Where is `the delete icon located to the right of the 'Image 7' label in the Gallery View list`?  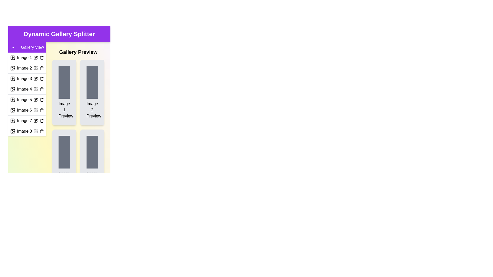
the delete icon located to the right of the 'Image 7' label in the Gallery View list is located at coordinates (42, 121).